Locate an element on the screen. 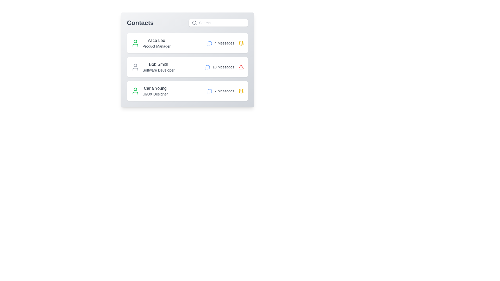  the contact item corresponding to Carla Young is located at coordinates (187, 91).